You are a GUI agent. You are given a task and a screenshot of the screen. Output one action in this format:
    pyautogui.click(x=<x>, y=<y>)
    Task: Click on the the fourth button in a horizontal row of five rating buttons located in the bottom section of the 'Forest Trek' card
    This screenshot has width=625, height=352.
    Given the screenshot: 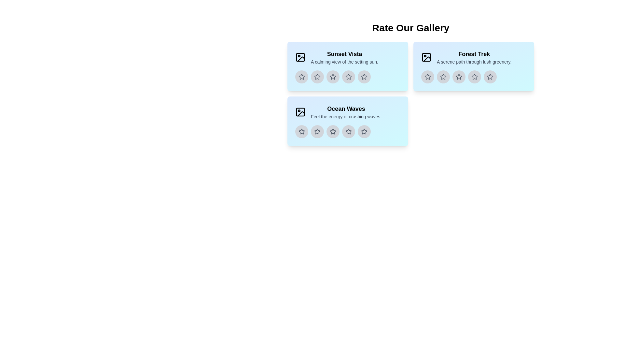 What is the action you would take?
    pyautogui.click(x=475, y=76)
    